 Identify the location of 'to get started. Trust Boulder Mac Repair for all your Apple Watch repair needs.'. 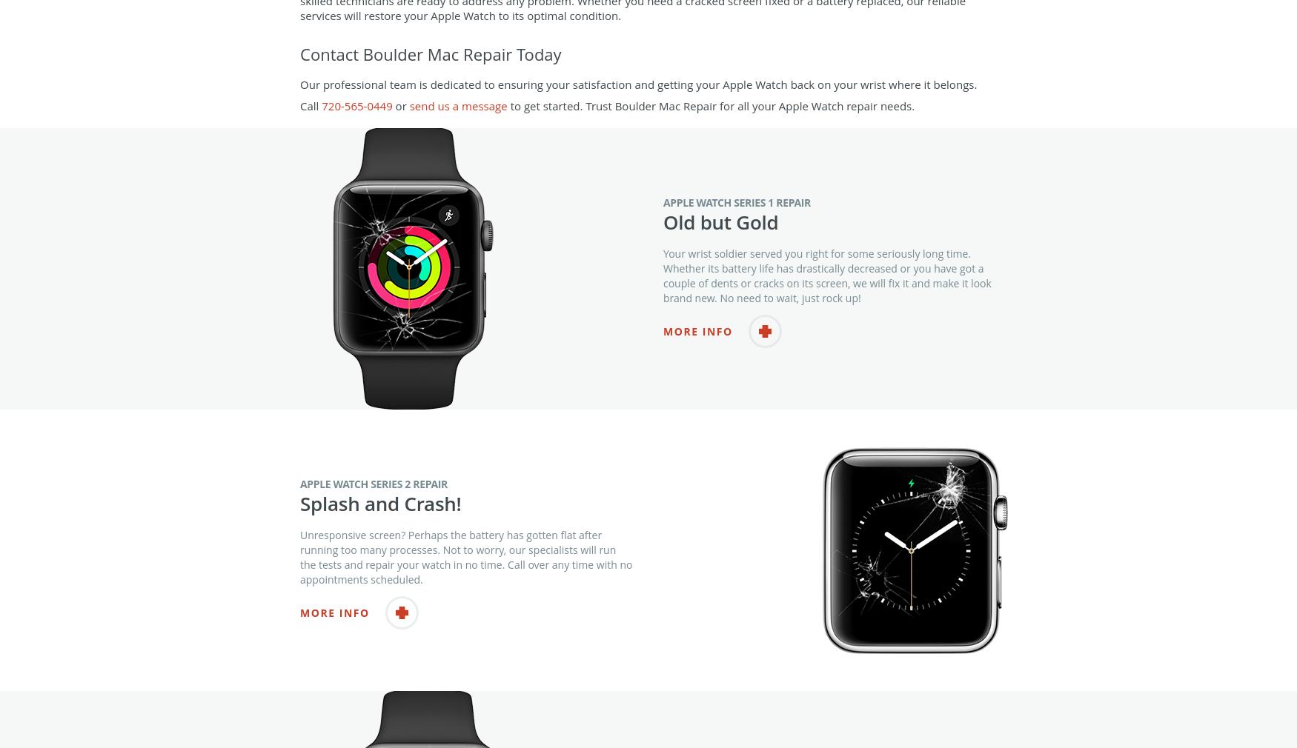
(711, 134).